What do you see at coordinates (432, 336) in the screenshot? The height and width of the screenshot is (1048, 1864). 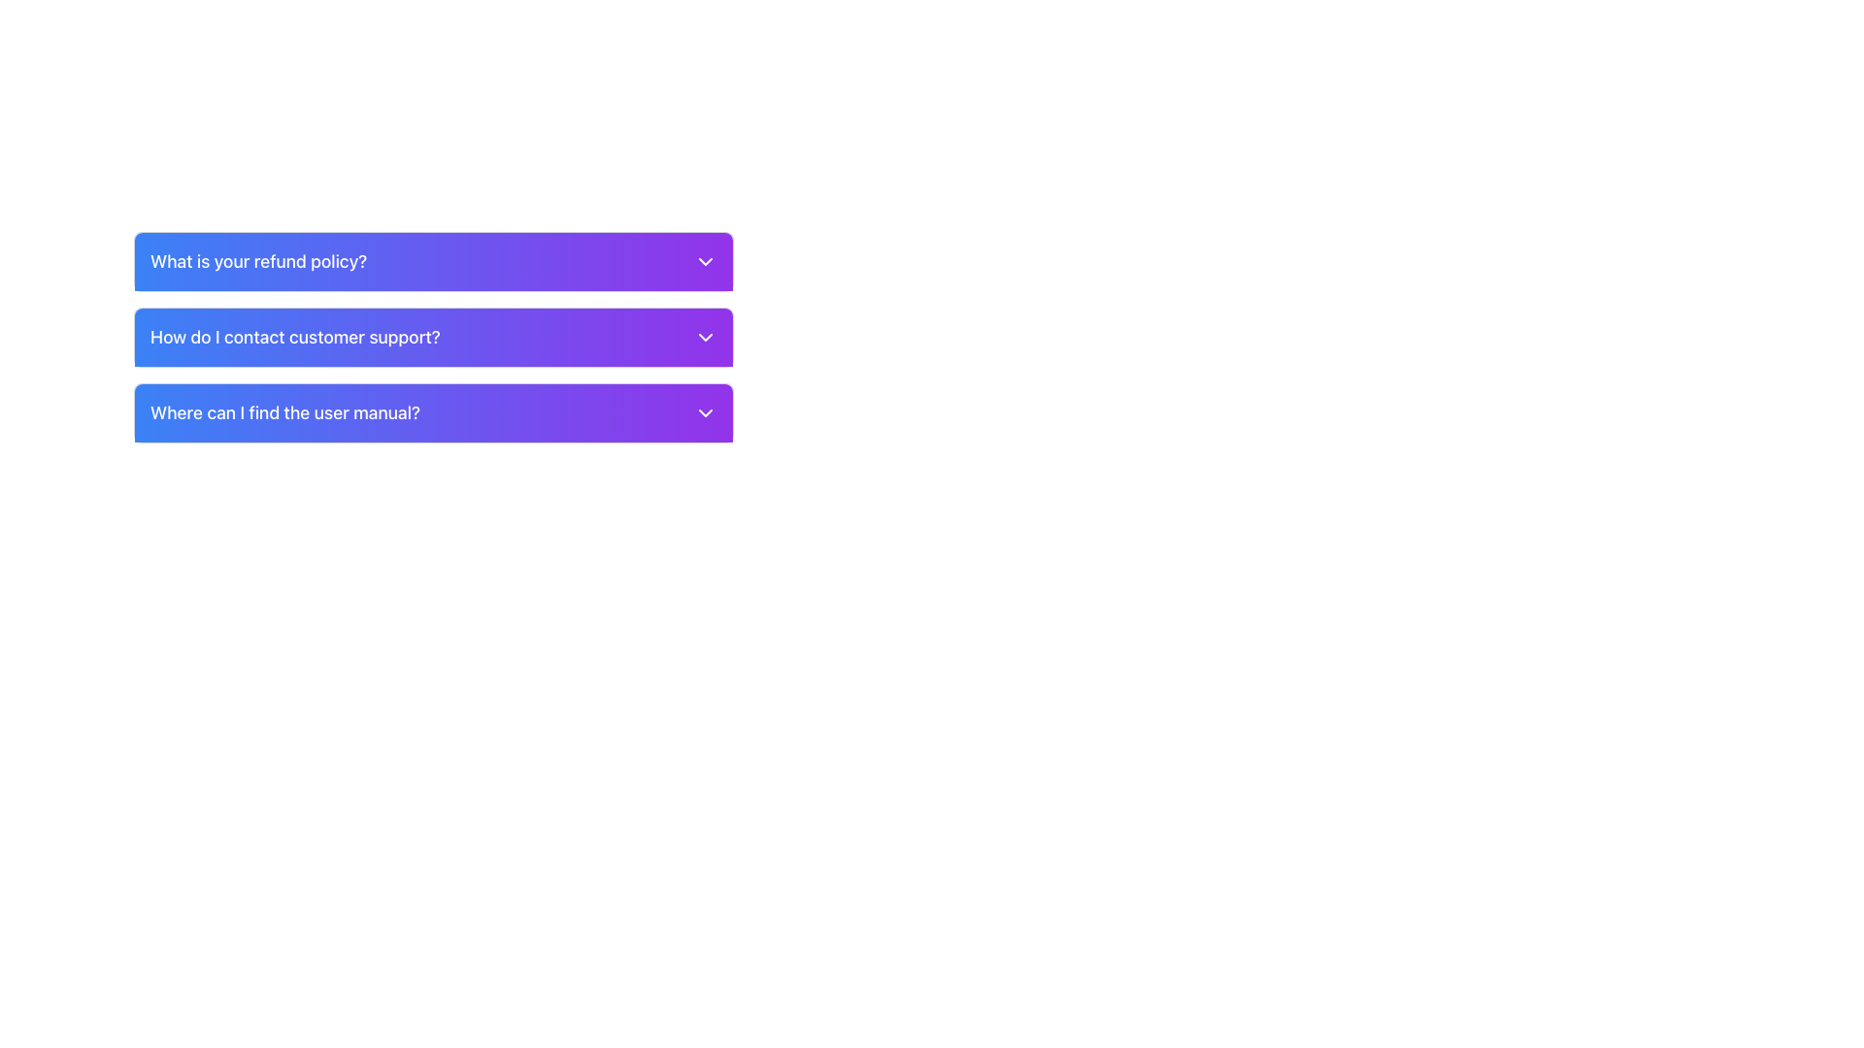 I see `the interactive dropdown header that reveals additional options related to contacting customer support by moving the mouse to its center` at bounding box center [432, 336].